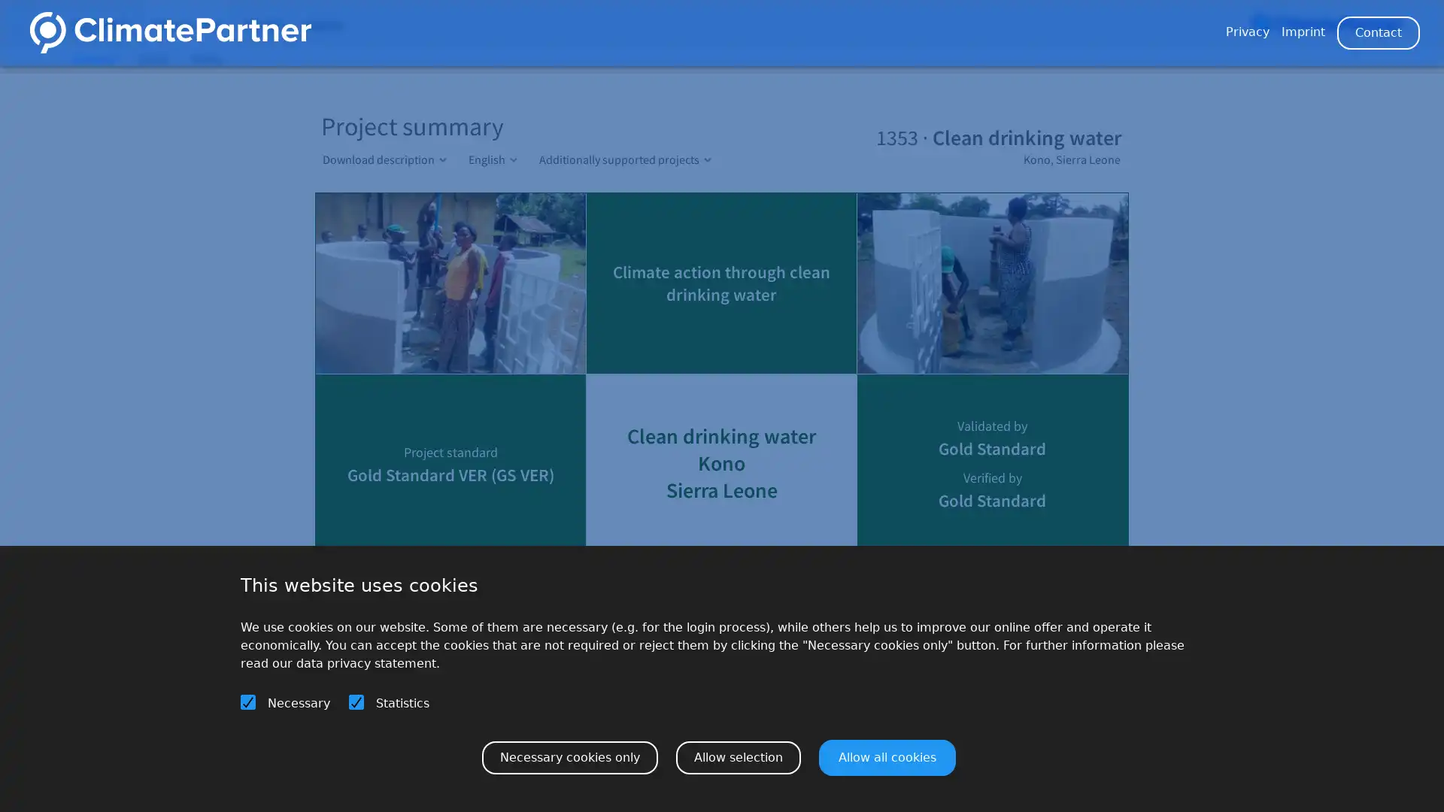 This screenshot has height=812, width=1444. Describe the element at coordinates (887, 756) in the screenshot. I see `Allow all cookies` at that location.